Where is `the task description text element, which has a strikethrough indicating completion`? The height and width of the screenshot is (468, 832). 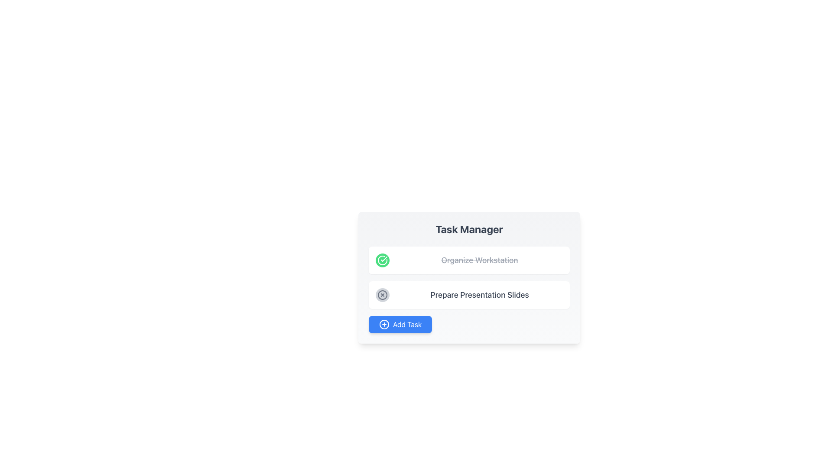
the task description text element, which has a strikethrough indicating completion is located at coordinates (479, 260).